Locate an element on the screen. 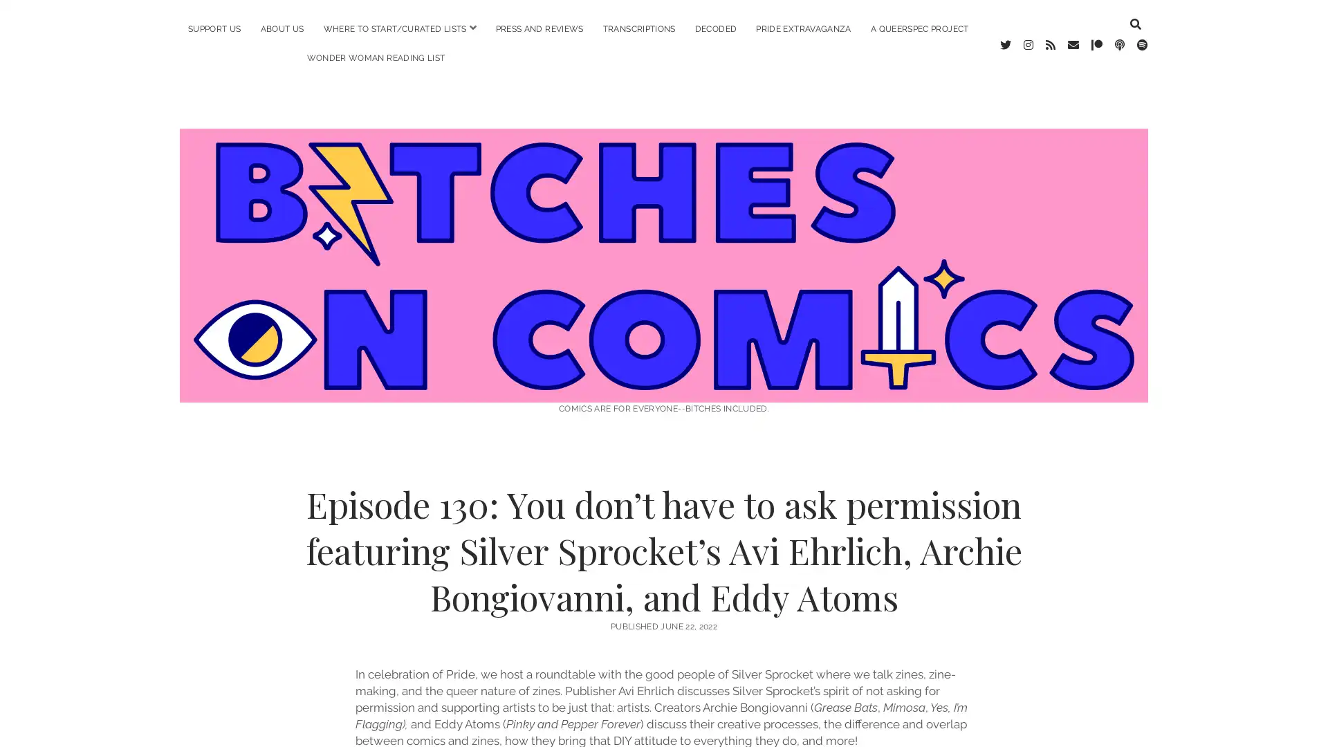  open menu is located at coordinates (472, 28).